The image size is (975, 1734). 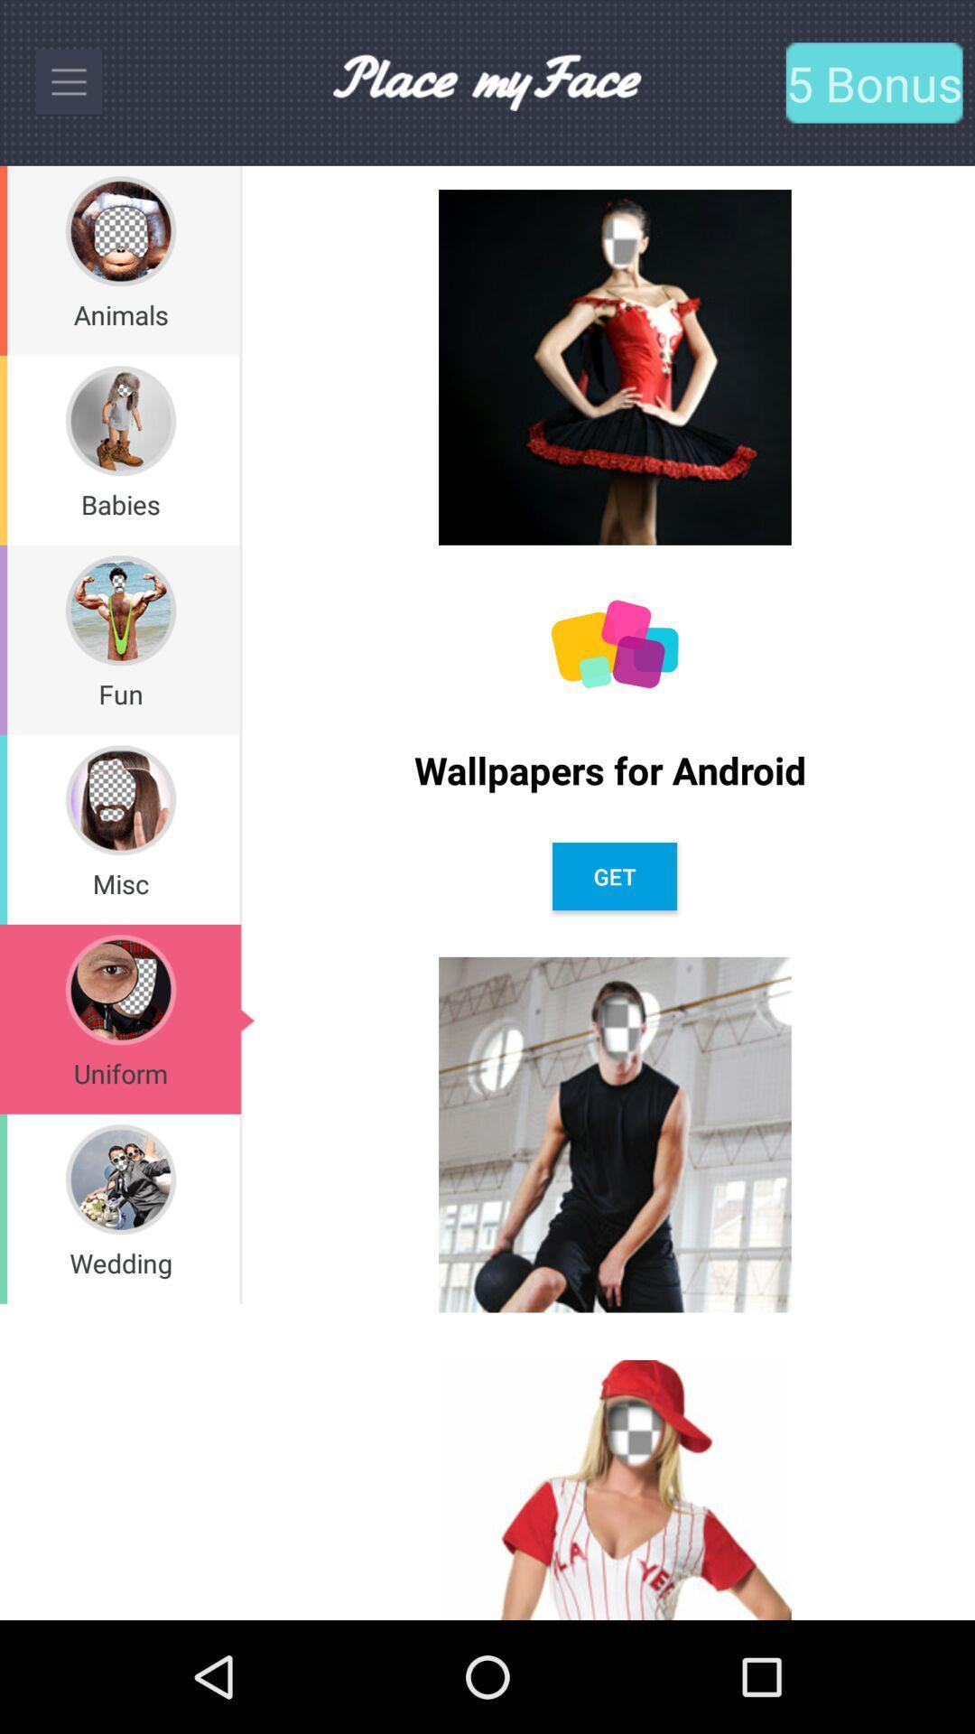 I want to click on the no of types wallpaper, so click(x=614, y=645).